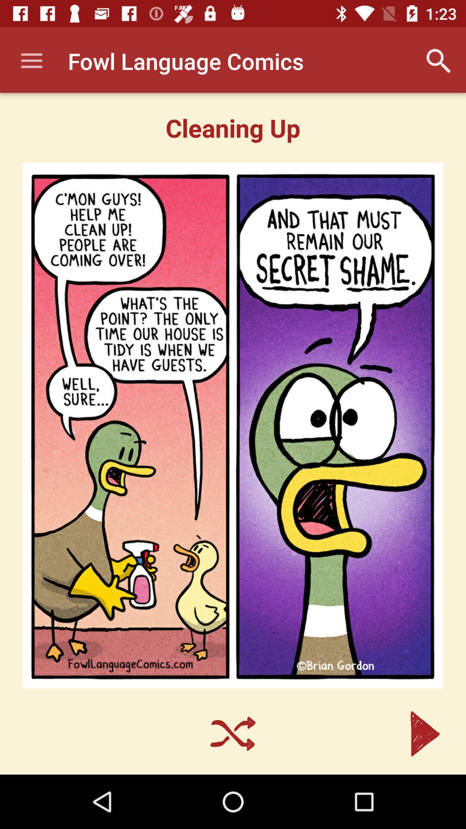 This screenshot has width=466, height=829. I want to click on the app next to fowl language comics item, so click(31, 60).